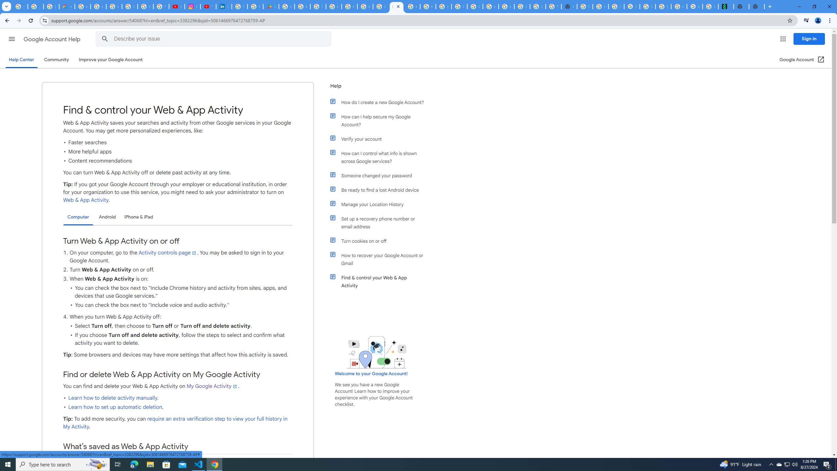 The height and width of the screenshot is (471, 837). Describe the element at coordinates (371, 373) in the screenshot. I see `'Welcome to your Google Account!'` at that location.